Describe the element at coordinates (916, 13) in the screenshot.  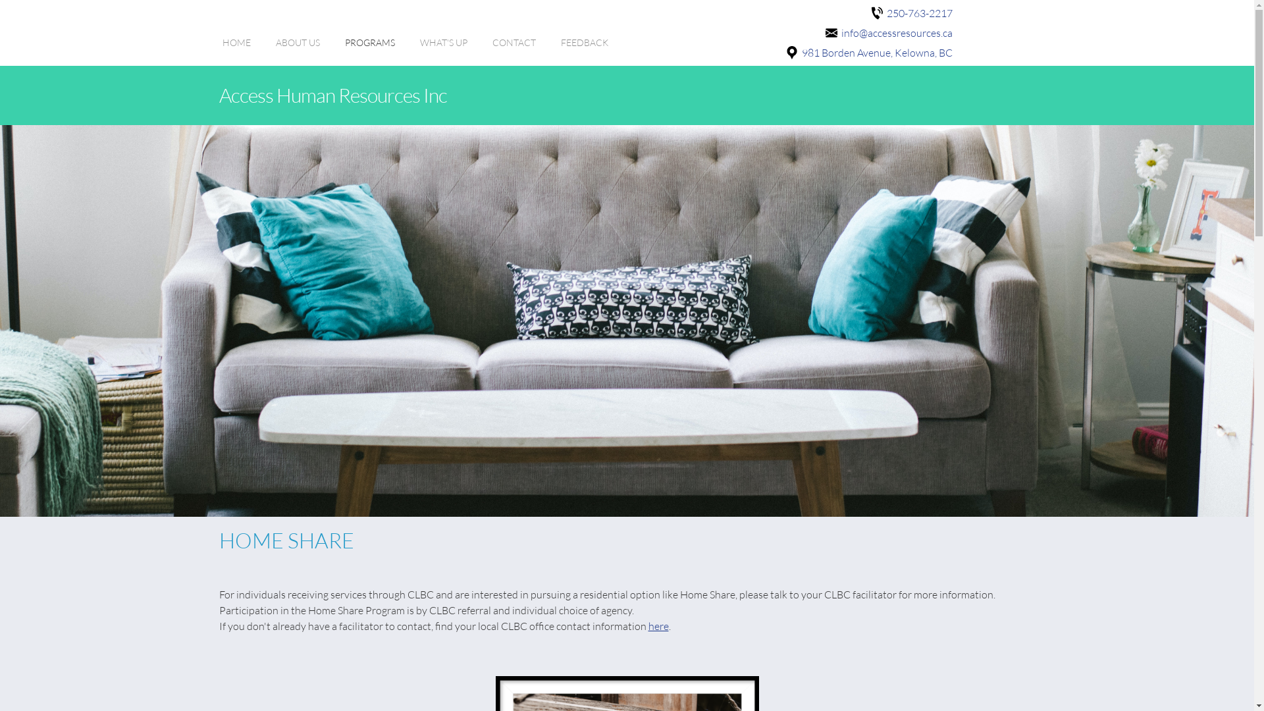
I see `'250-763-2217'` at that location.